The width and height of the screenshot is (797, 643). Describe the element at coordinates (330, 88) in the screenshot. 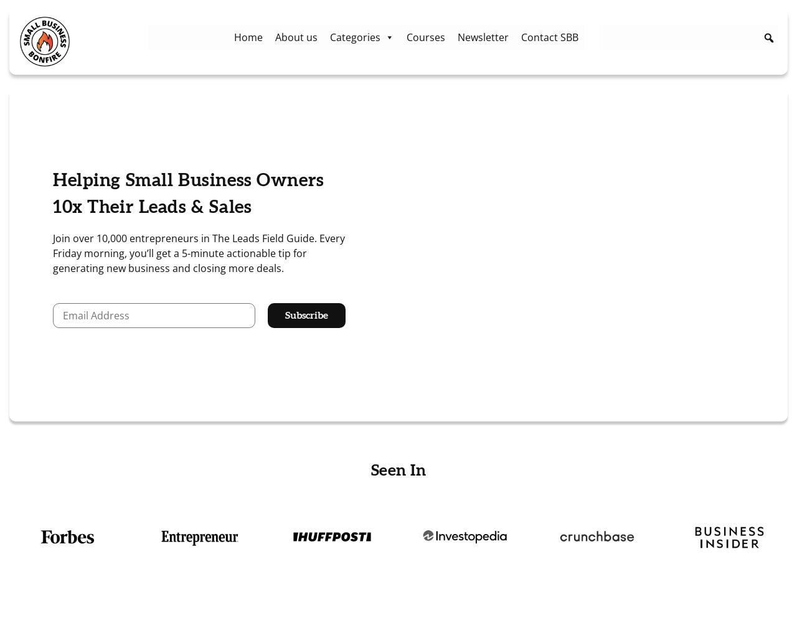

I see `'Marketing'` at that location.